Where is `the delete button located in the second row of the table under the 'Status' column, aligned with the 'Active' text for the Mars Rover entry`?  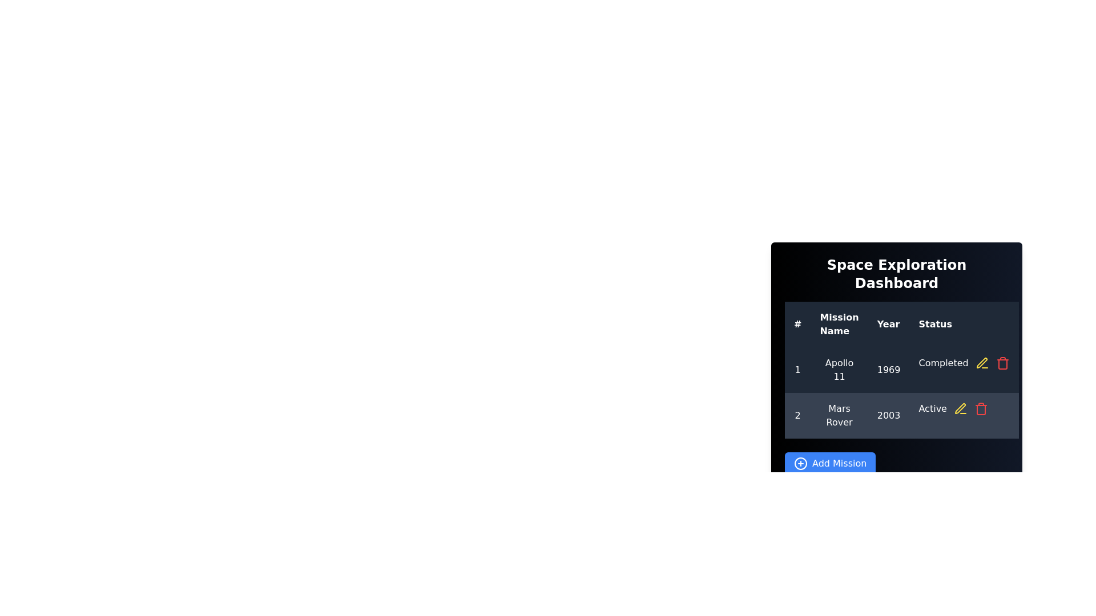 the delete button located in the second row of the table under the 'Status' column, aligned with the 'Active' text for the Mars Rover entry is located at coordinates (980, 408).